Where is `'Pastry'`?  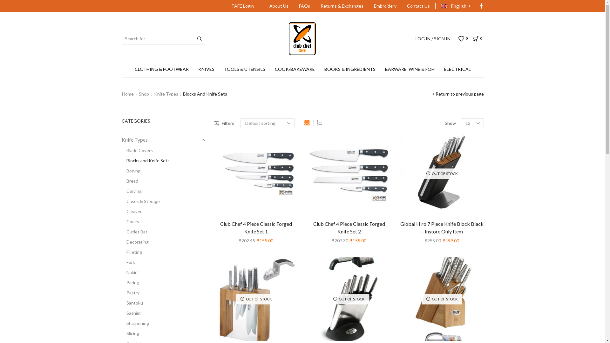 'Pastry' is located at coordinates (130, 293).